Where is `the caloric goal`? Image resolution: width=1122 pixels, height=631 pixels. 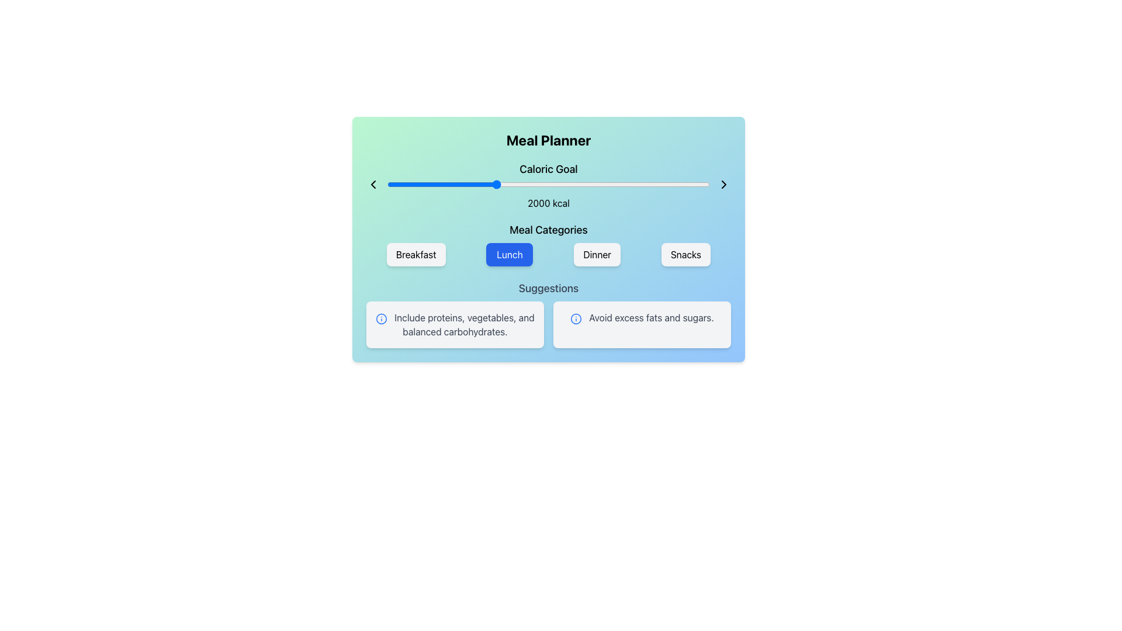
the caloric goal is located at coordinates (673, 184).